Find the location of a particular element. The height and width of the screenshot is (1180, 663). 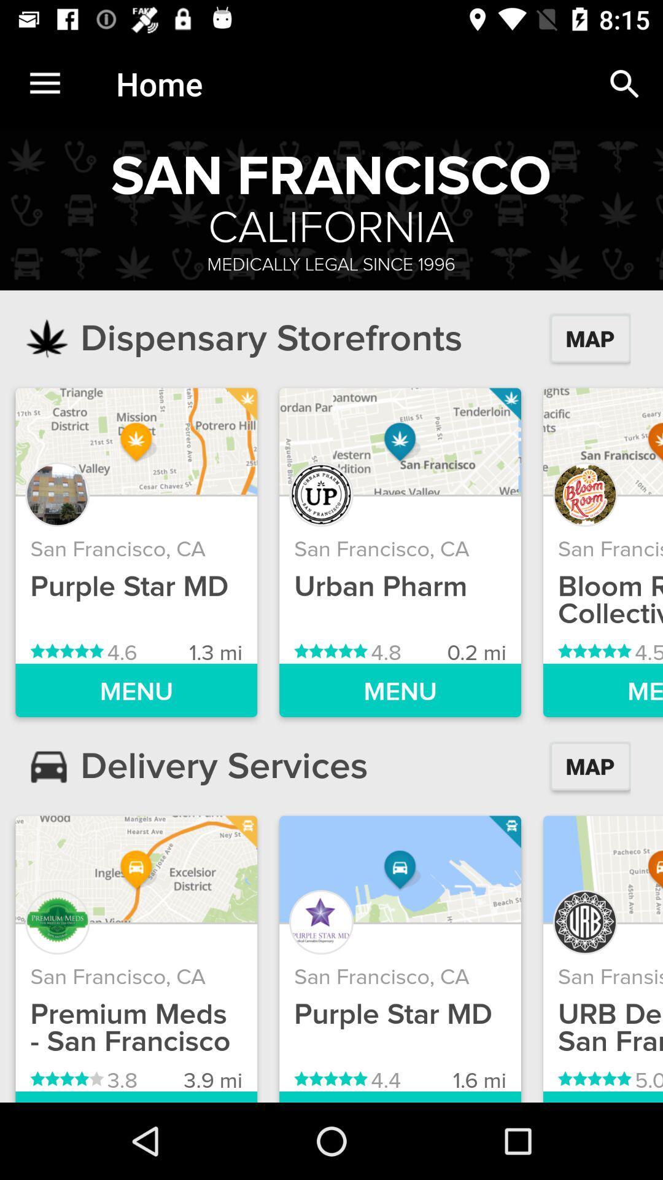

the icon next to the home item is located at coordinates (44, 83).